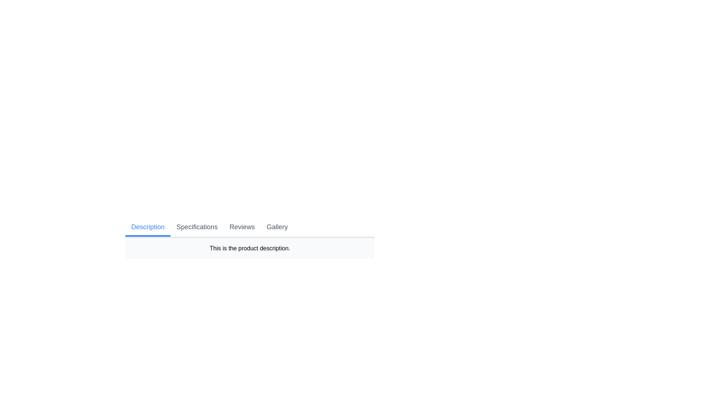 This screenshot has height=400, width=712. What do you see at coordinates (277, 227) in the screenshot?
I see `the Gallery tab by clicking on its button` at bounding box center [277, 227].